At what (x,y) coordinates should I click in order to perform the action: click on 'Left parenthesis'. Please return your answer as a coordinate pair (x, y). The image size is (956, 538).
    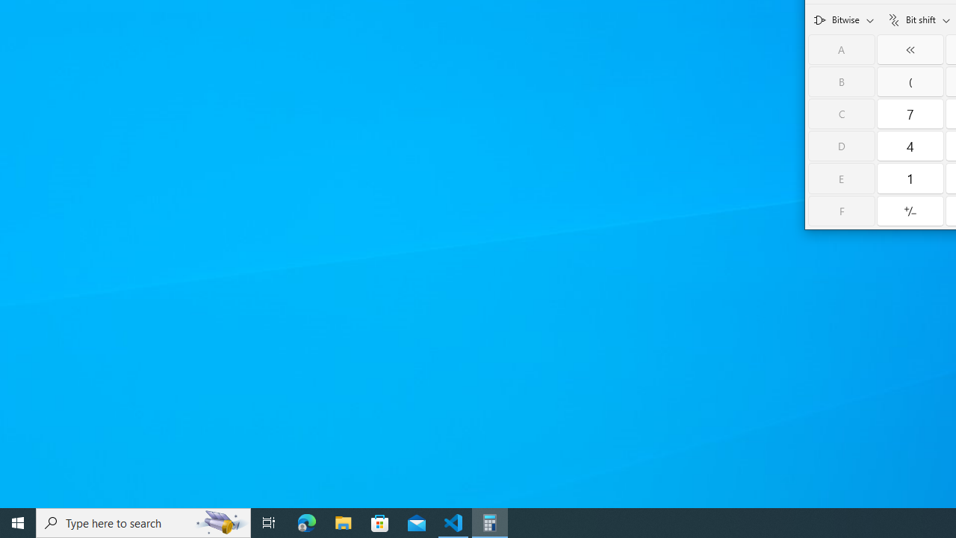
    Looking at the image, I should click on (910, 81).